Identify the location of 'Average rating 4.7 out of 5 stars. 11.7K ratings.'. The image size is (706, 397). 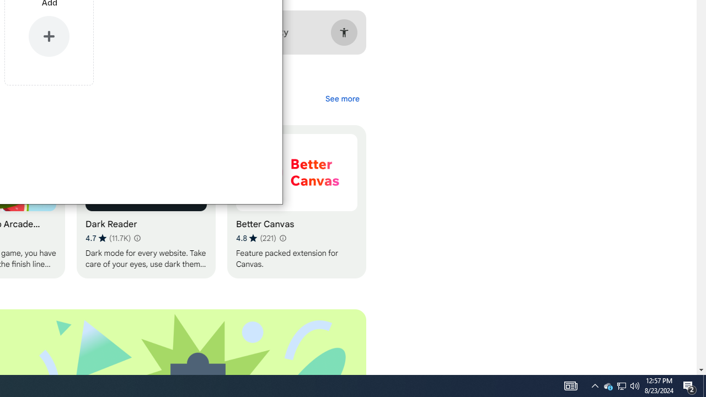
(108, 238).